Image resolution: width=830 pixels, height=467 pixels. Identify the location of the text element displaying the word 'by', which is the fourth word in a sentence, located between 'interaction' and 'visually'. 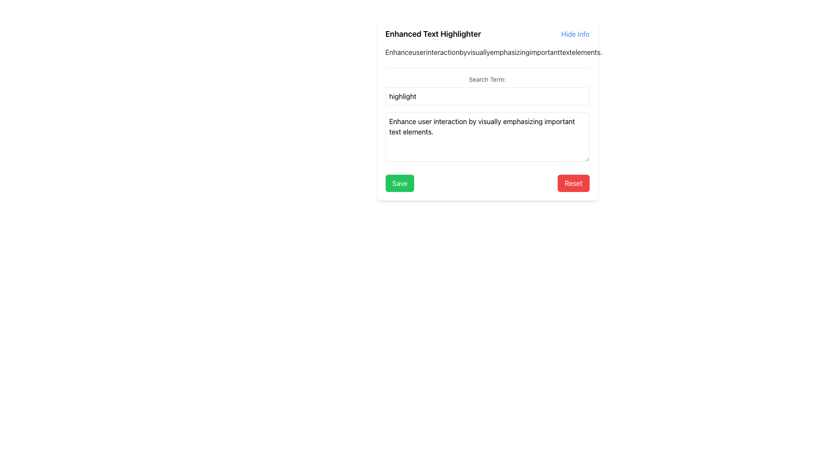
(463, 52).